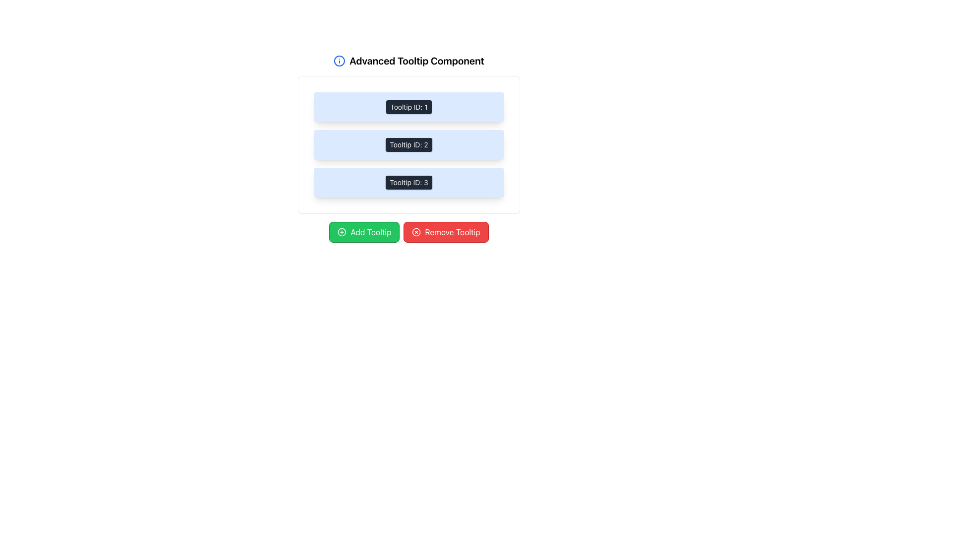 The width and height of the screenshot is (953, 536). I want to click on the text displayed in the Tooltip label that shows 'Tooltip ID: 2', which is the second element in a vertical list of tooltips, so click(409, 145).